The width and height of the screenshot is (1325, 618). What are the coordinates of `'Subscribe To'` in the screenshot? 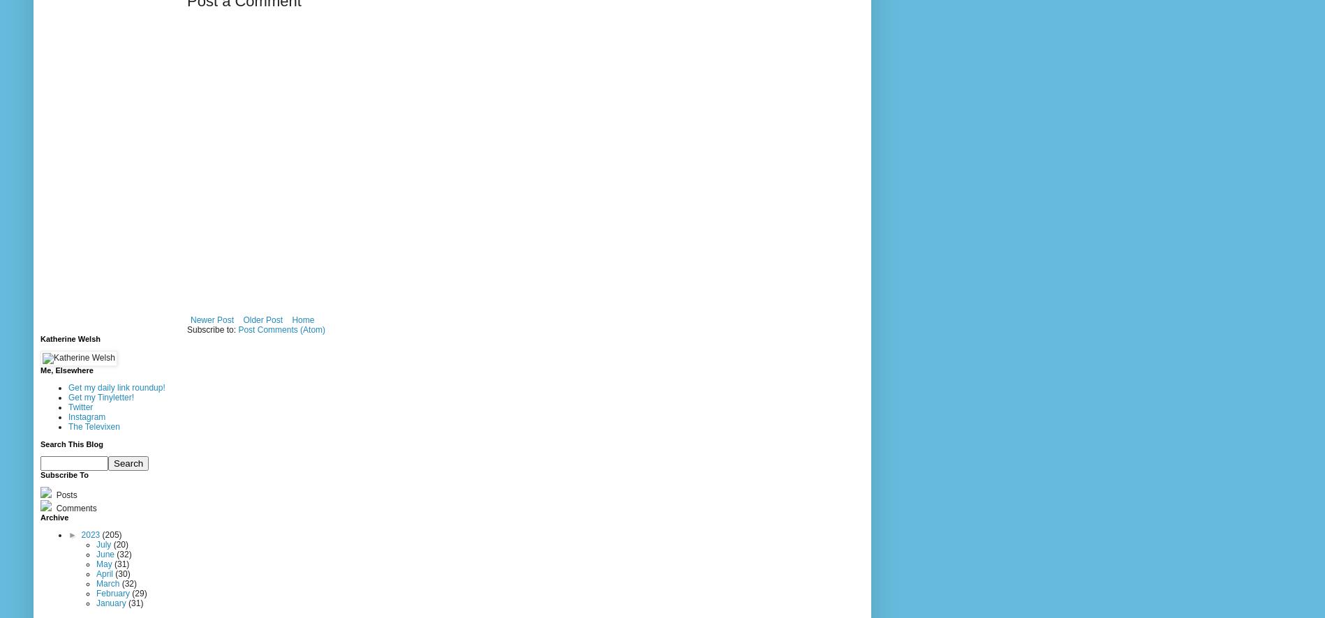 It's located at (40, 474).